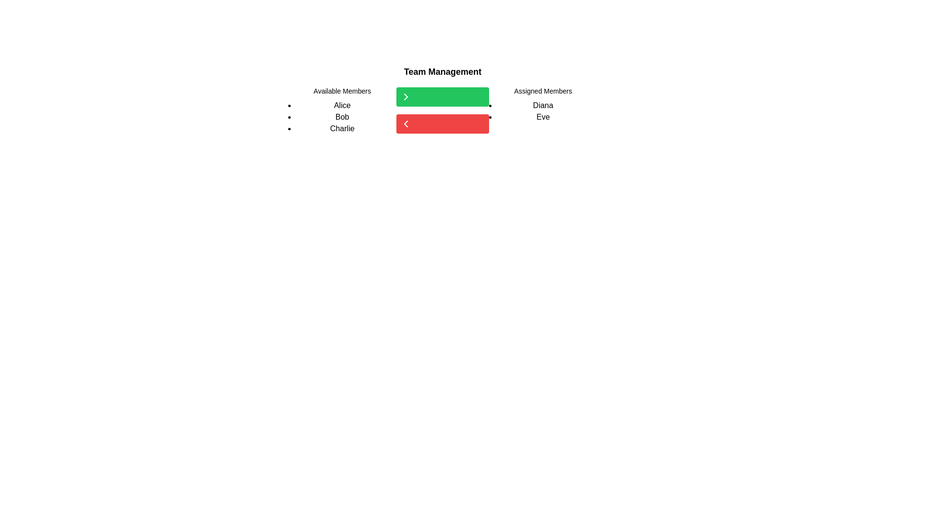  What do you see at coordinates (543, 110) in the screenshot?
I see `the Text Display Module that shows currently assigned members 'Diana' and 'Eve' under the 'Team Management' header` at bounding box center [543, 110].